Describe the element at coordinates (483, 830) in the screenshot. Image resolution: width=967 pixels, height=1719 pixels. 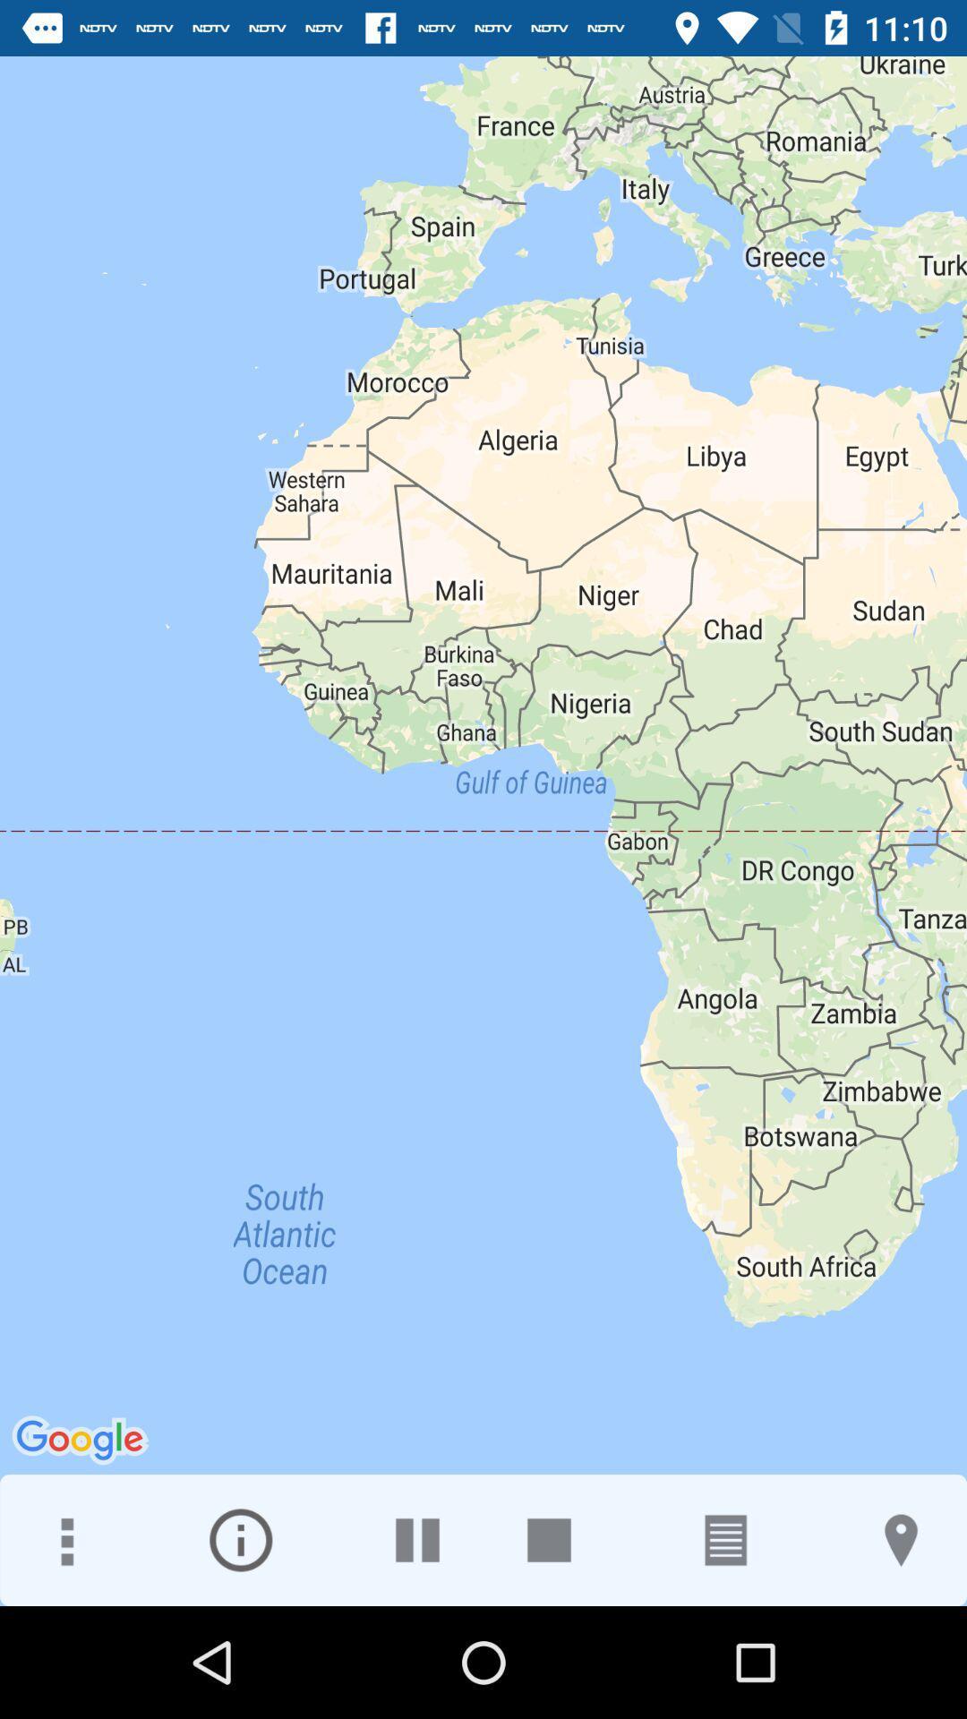
I see `icon at the center` at that location.